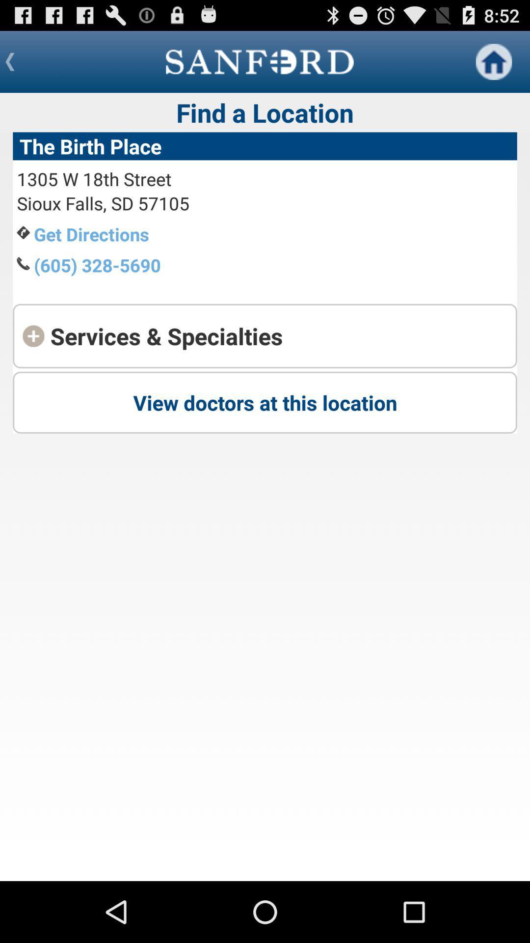  What do you see at coordinates (494, 61) in the screenshot?
I see `the first icon` at bounding box center [494, 61].